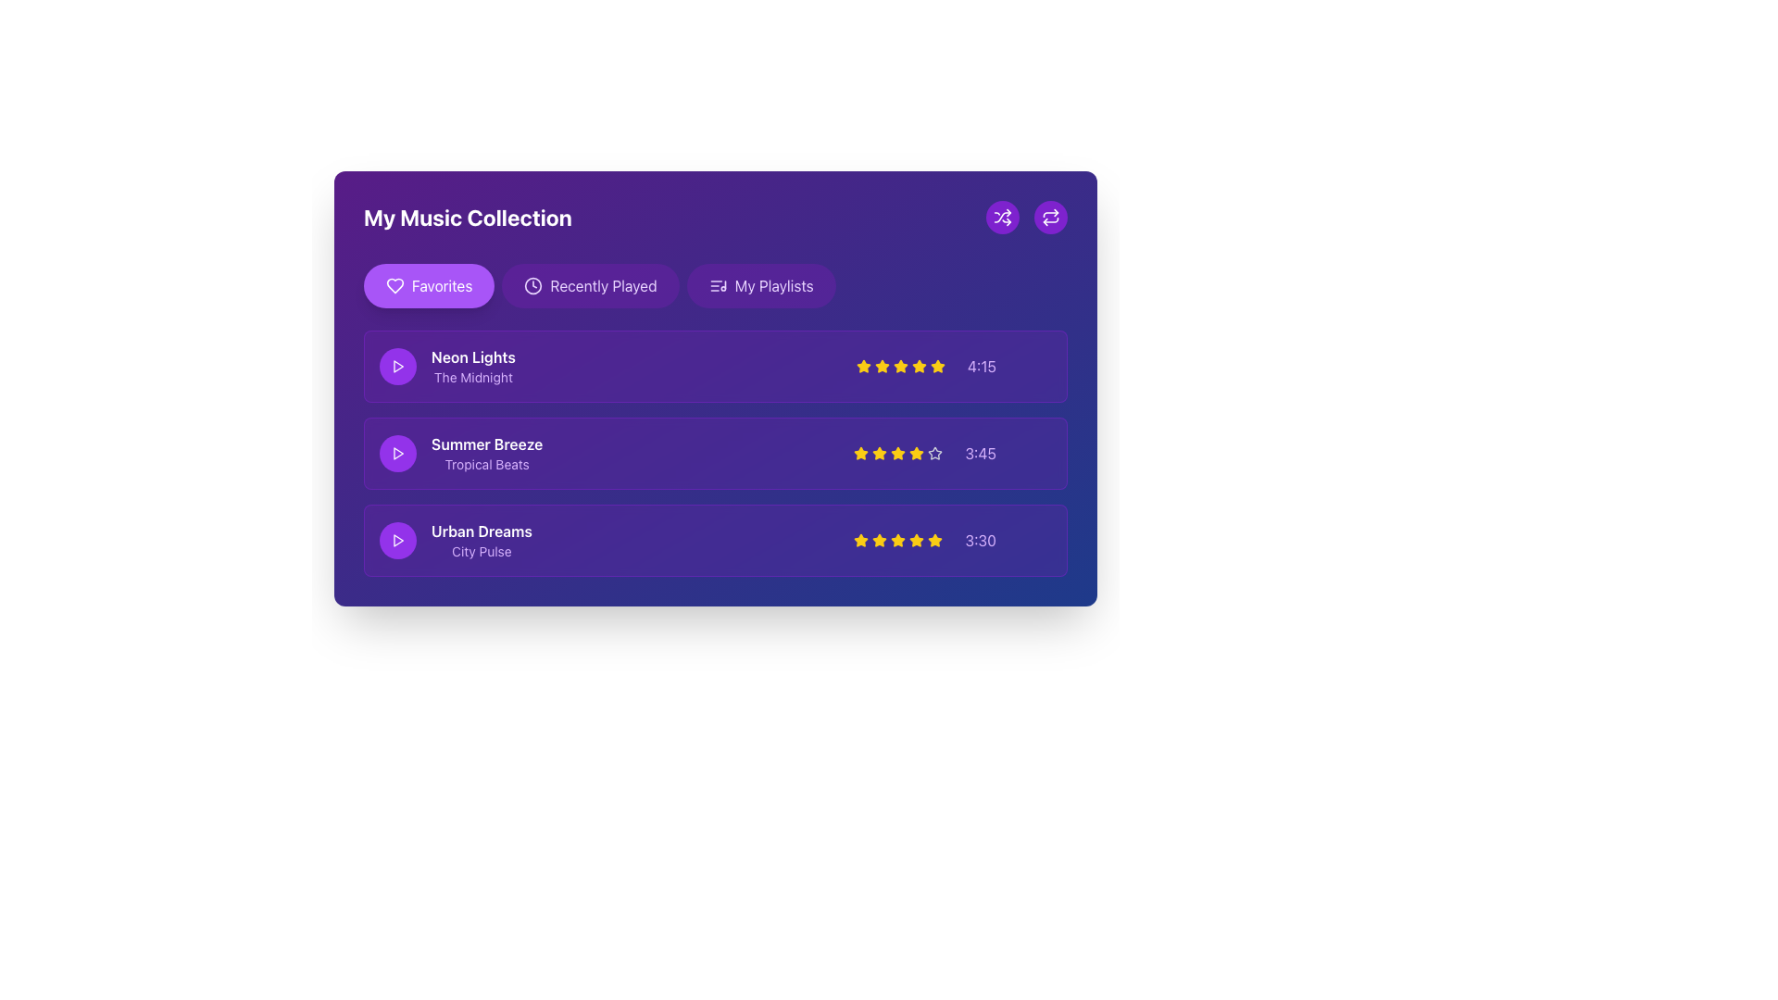 The width and height of the screenshot is (1778, 1000). What do you see at coordinates (428, 285) in the screenshot?
I see `the first button in the group under 'My Music Collection'` at bounding box center [428, 285].